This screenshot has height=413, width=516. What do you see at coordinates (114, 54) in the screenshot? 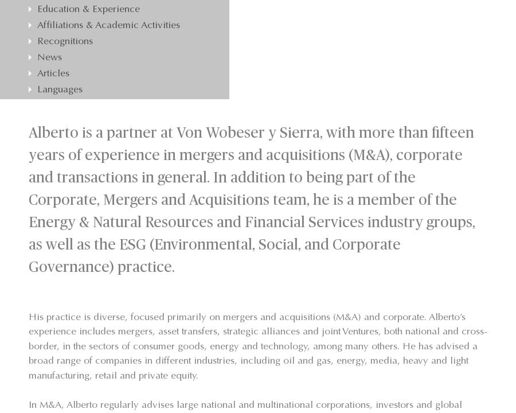
I see `'Member of the Association of International Petroleum Negotiators, since 2015.'` at bounding box center [114, 54].